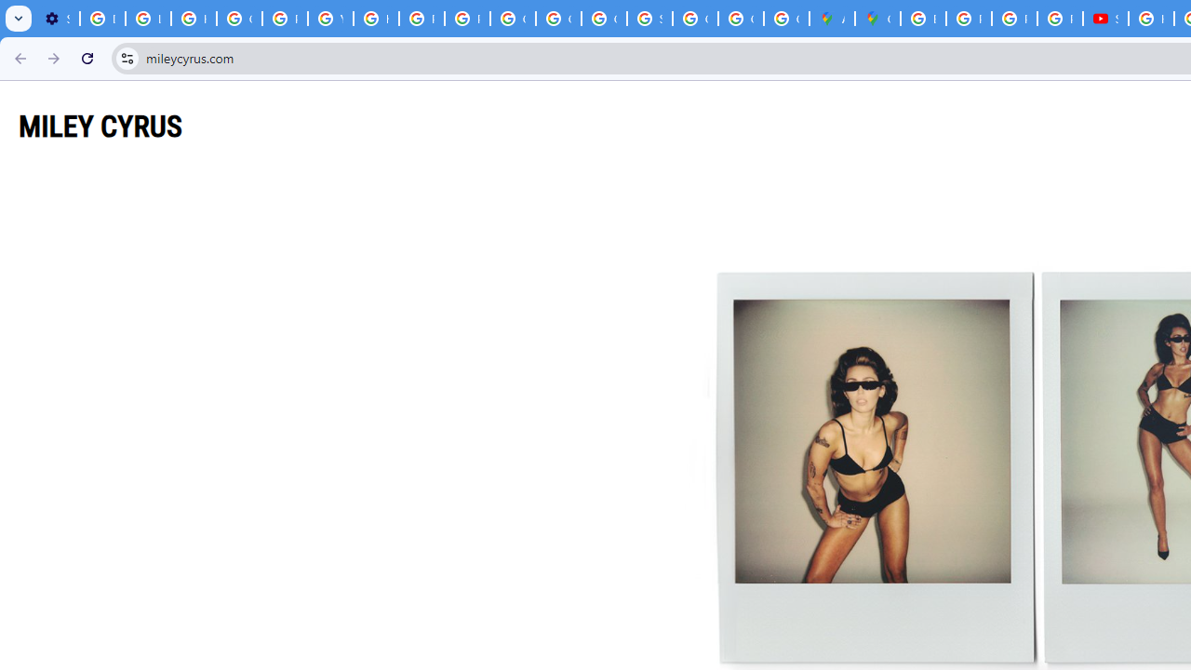 The image size is (1191, 670). I want to click on 'MILEY CYRUS', so click(100, 126).